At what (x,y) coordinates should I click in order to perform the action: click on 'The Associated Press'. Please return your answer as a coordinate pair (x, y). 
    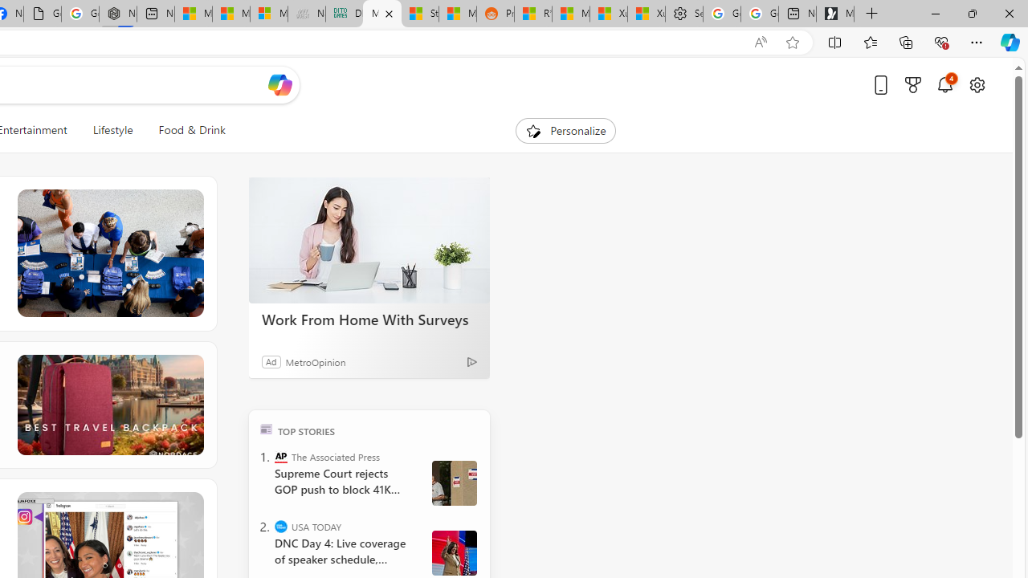
    Looking at the image, I should click on (281, 456).